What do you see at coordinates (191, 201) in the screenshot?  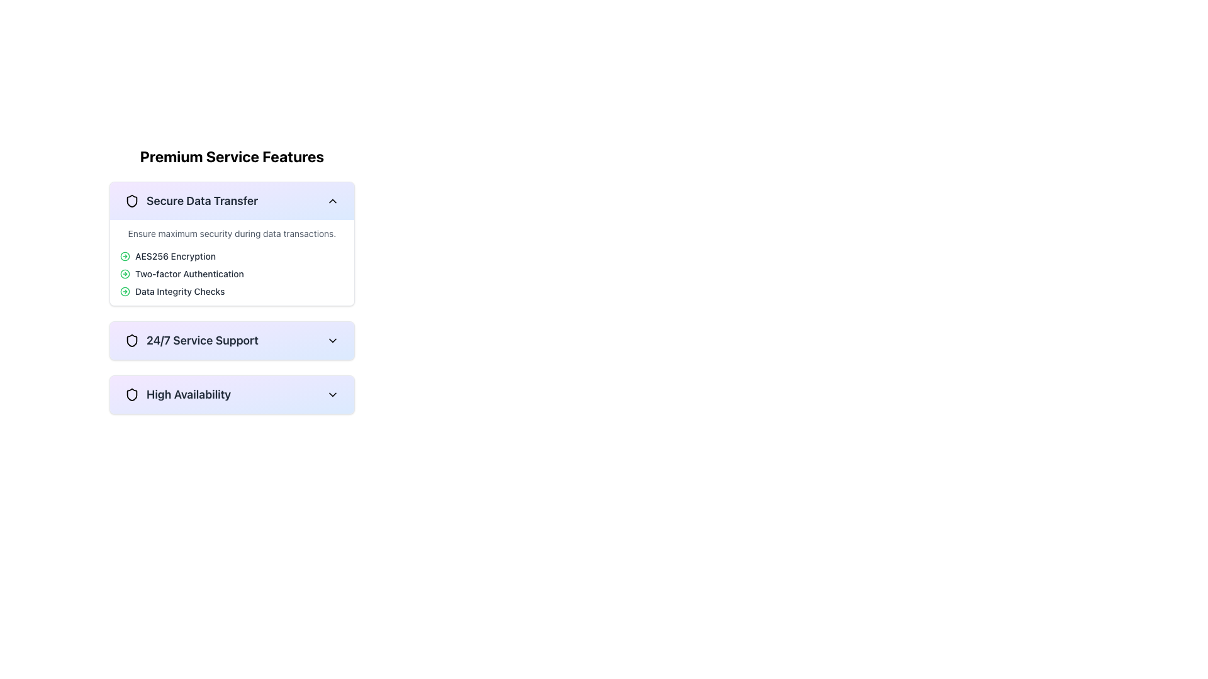 I see `descriptive header for the feature 'Secure Data Transfer' located in the first section of the 'Premium Service Features' list, which is above '24/7 Service Support' and 'High Availability.'` at bounding box center [191, 201].